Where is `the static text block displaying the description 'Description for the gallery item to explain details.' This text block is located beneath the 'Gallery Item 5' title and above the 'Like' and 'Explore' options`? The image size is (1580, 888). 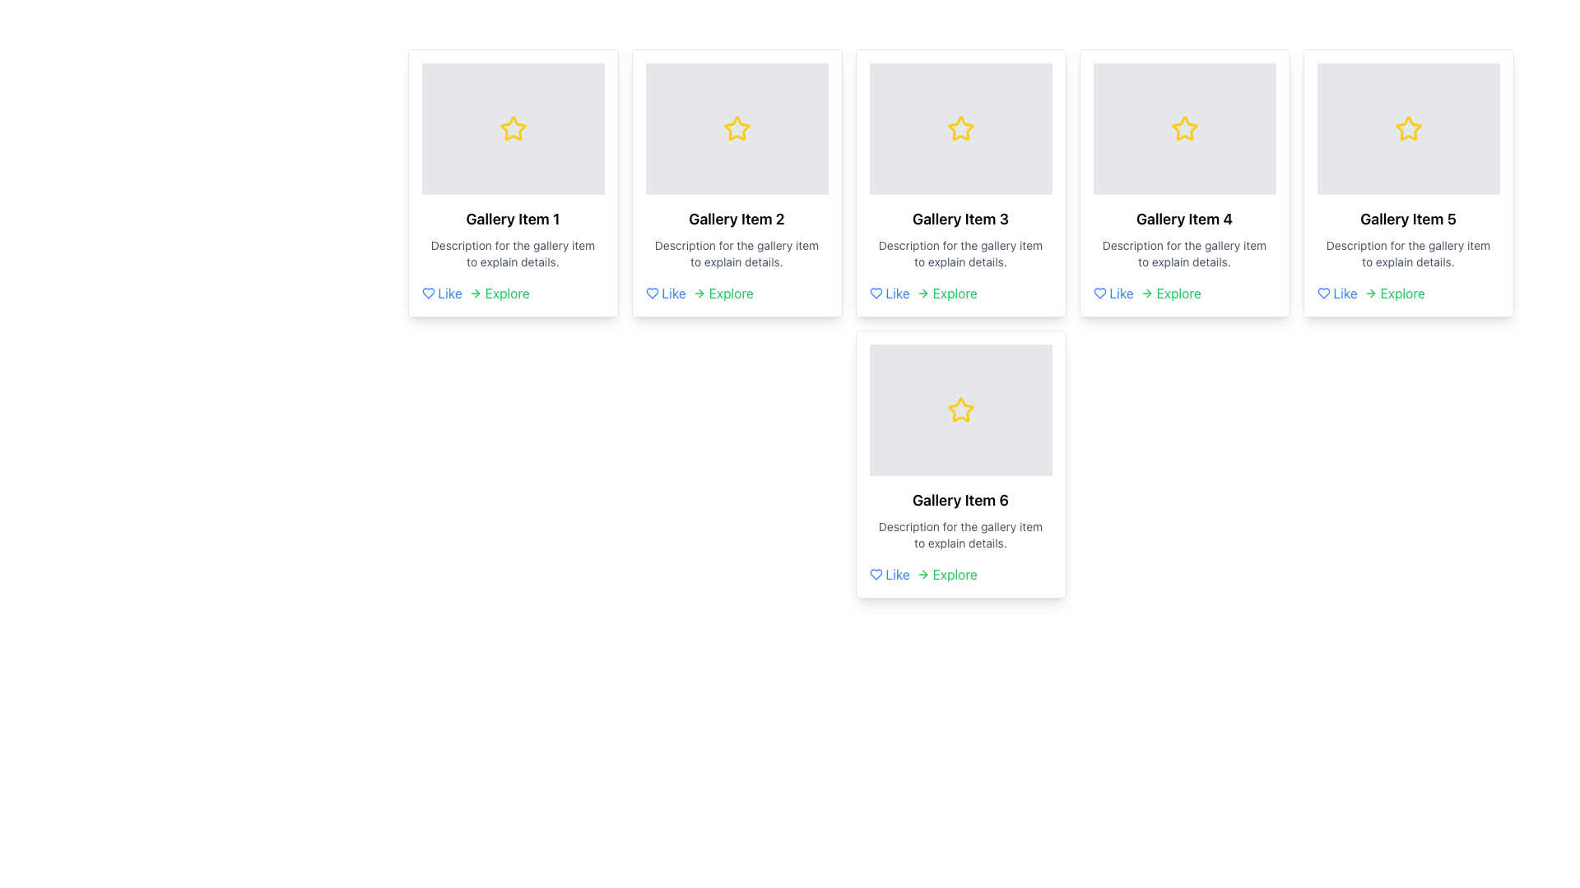 the static text block displaying the description 'Description for the gallery item to explain details.' This text block is located beneath the 'Gallery Item 5' title and above the 'Like' and 'Explore' options is located at coordinates (1407, 253).